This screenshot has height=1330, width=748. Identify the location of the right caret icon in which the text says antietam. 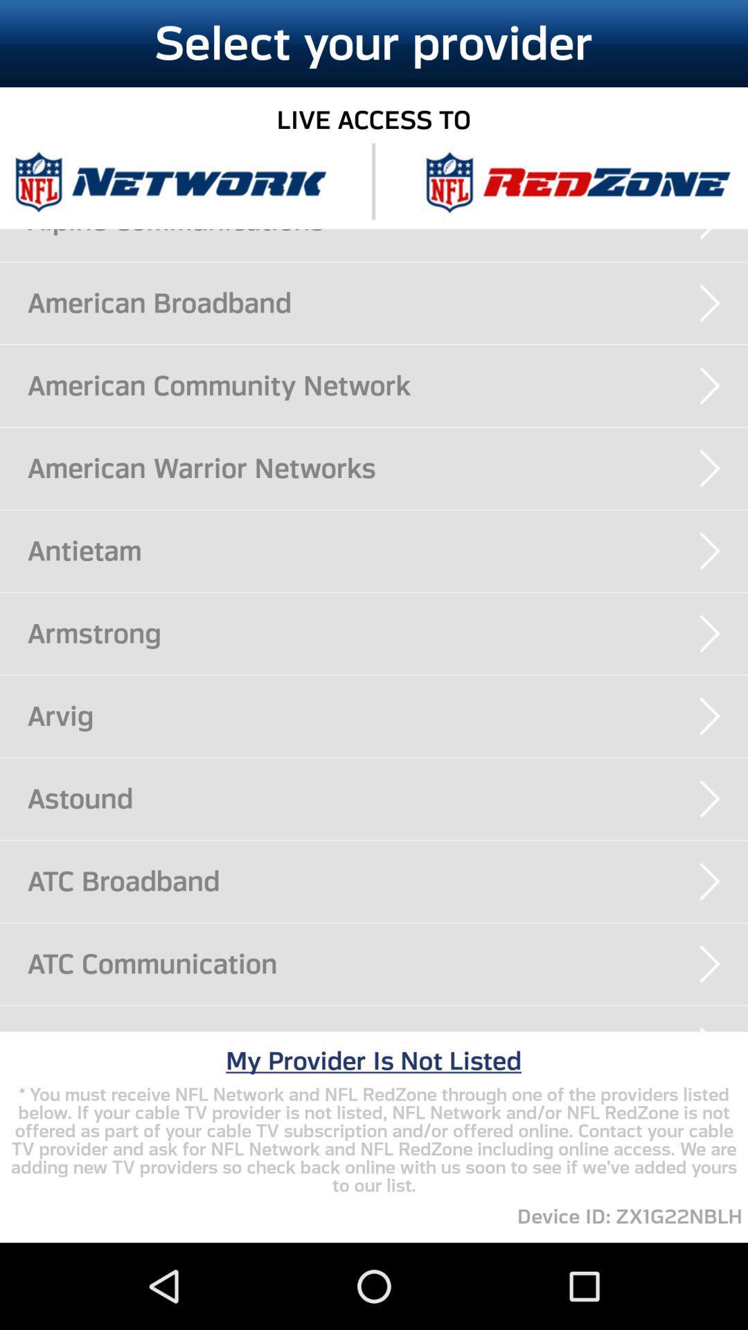
(710, 551).